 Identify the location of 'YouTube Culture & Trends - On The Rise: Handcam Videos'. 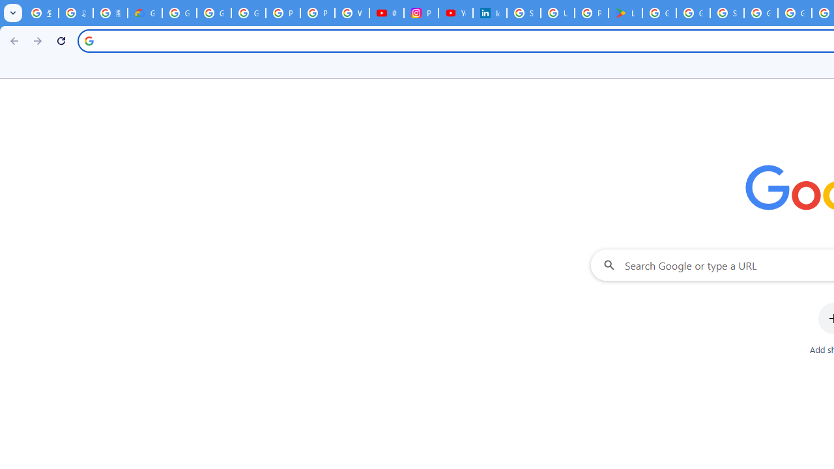
(455, 13).